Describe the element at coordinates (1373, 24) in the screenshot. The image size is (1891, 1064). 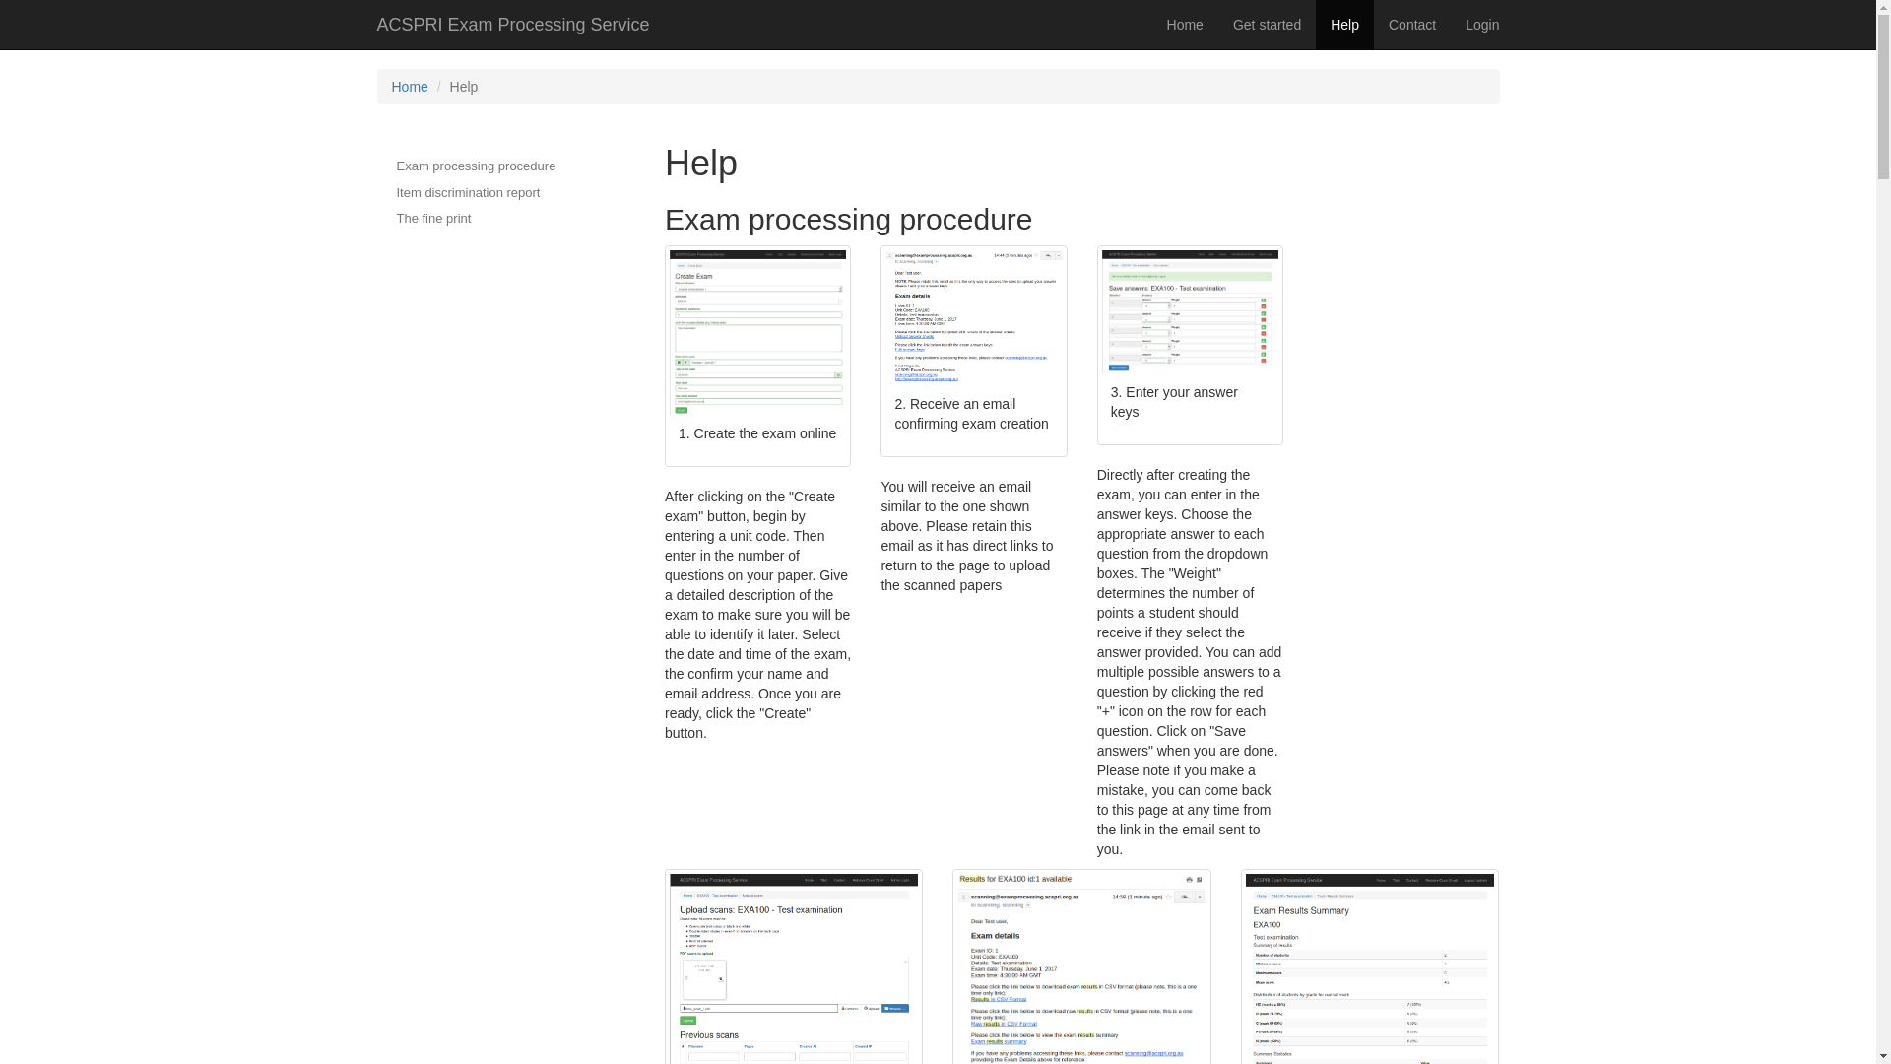
I see `'Contact'` at that location.